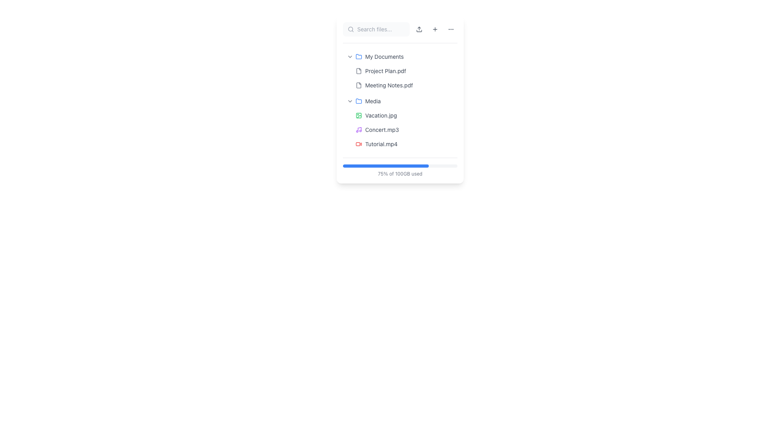 The image size is (763, 429). What do you see at coordinates (405, 129) in the screenshot?
I see `to select the file 'Concert.mp3' from the second item in the 'Media' category list` at bounding box center [405, 129].